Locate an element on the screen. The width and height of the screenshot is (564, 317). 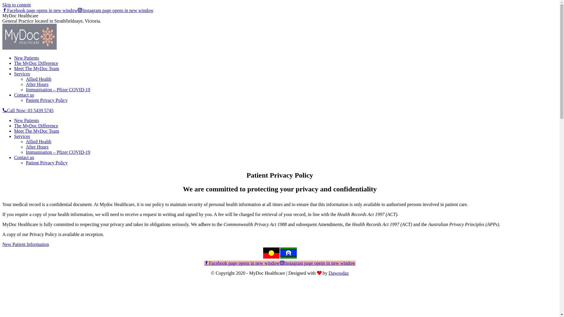
'Patient Privacy Policy' is located at coordinates (46, 163).